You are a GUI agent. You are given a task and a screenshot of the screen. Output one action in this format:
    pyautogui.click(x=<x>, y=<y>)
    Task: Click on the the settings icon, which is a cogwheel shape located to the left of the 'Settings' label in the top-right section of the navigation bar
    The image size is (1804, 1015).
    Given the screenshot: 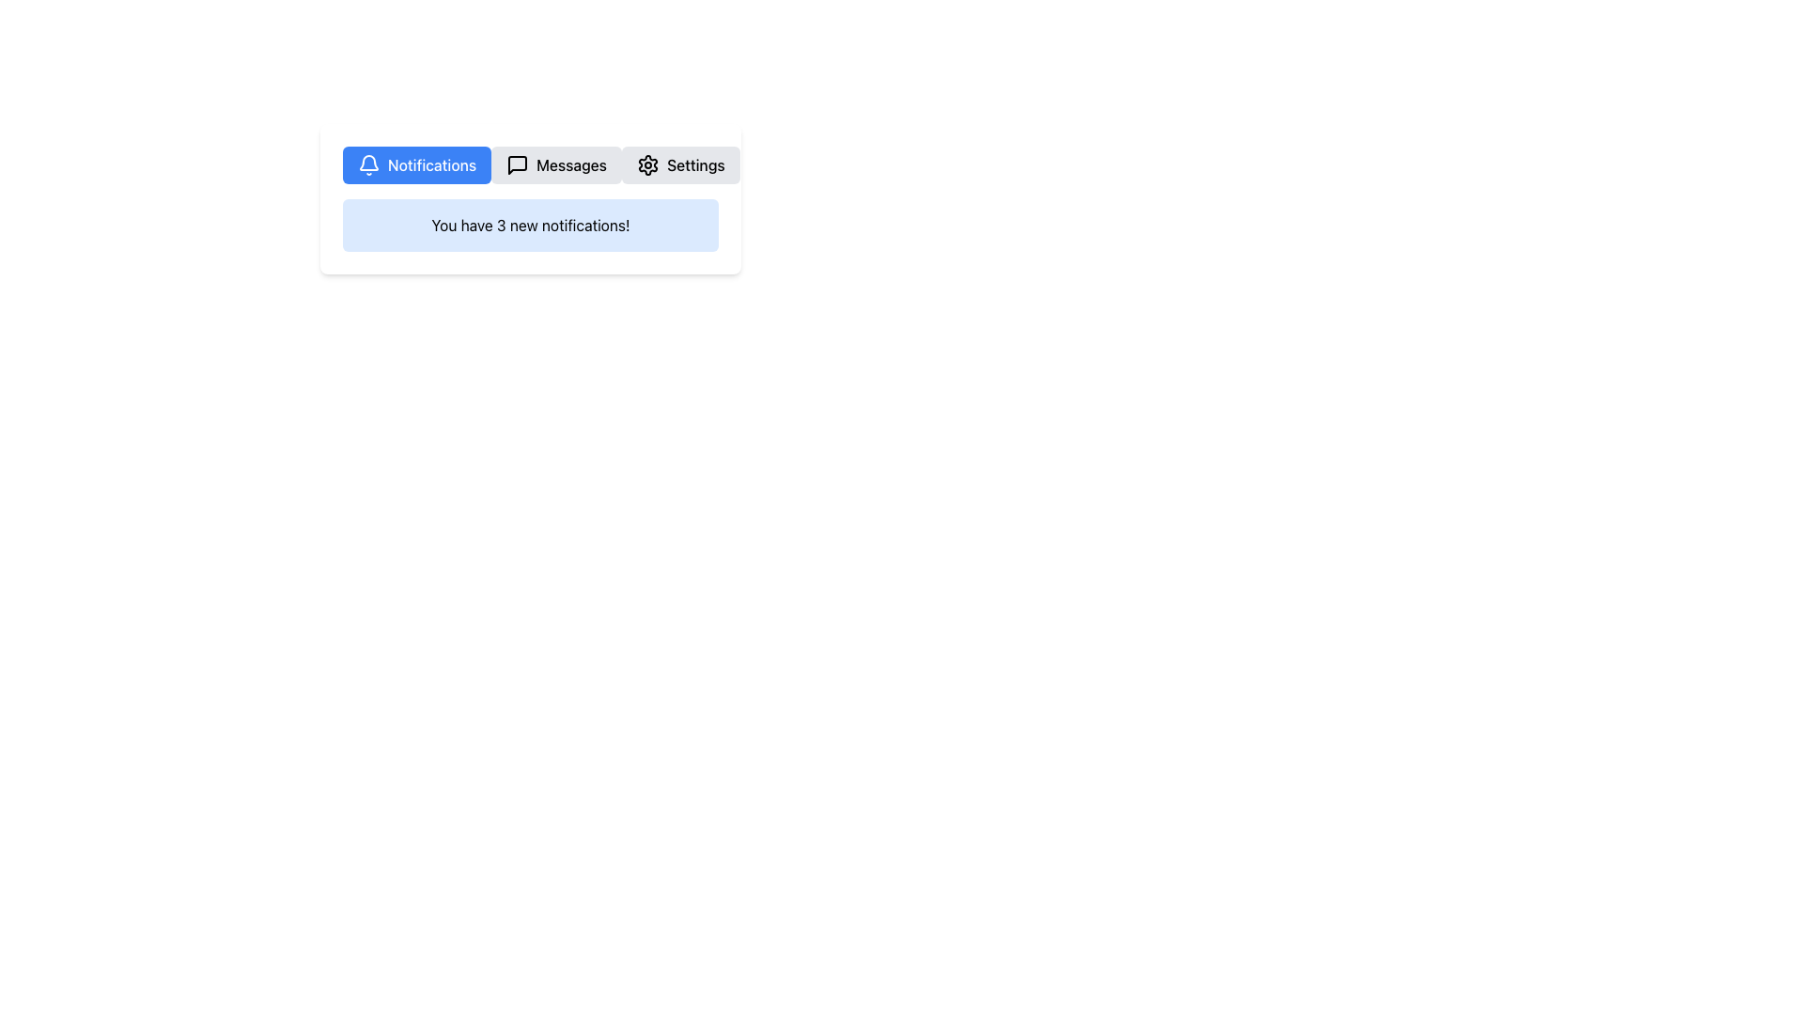 What is the action you would take?
    pyautogui.click(x=648, y=164)
    